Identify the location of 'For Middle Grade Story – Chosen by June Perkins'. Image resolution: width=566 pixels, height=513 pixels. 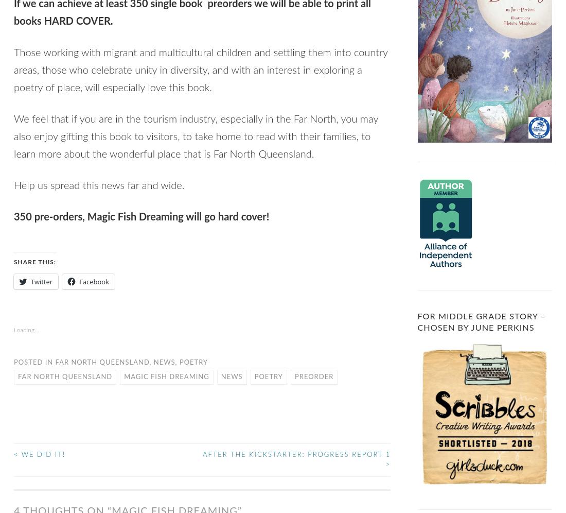
(481, 321).